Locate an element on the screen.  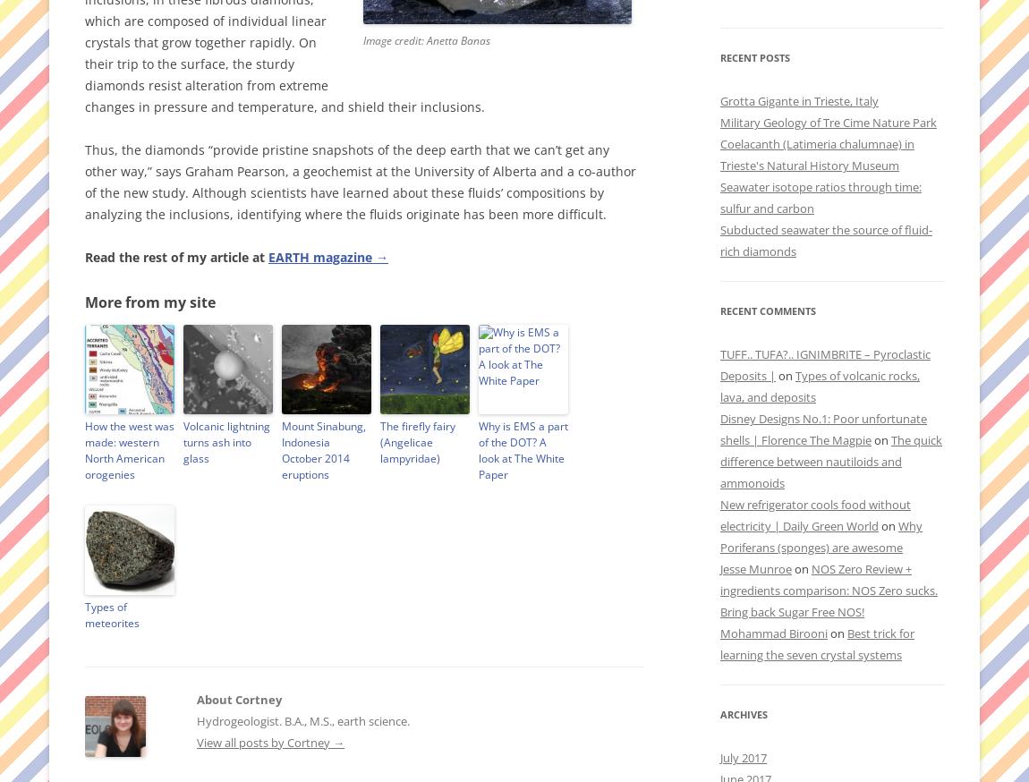
'The quick difference between nautiloids and ammonoids' is located at coordinates (830, 462).